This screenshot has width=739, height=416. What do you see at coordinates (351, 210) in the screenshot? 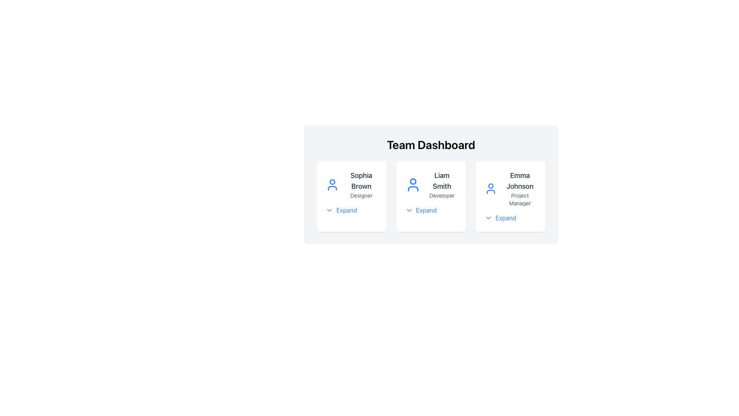
I see `the interactive 'Expand' link with a blue color scheme located below 'Sophia Brown' and 'Designer'` at bounding box center [351, 210].